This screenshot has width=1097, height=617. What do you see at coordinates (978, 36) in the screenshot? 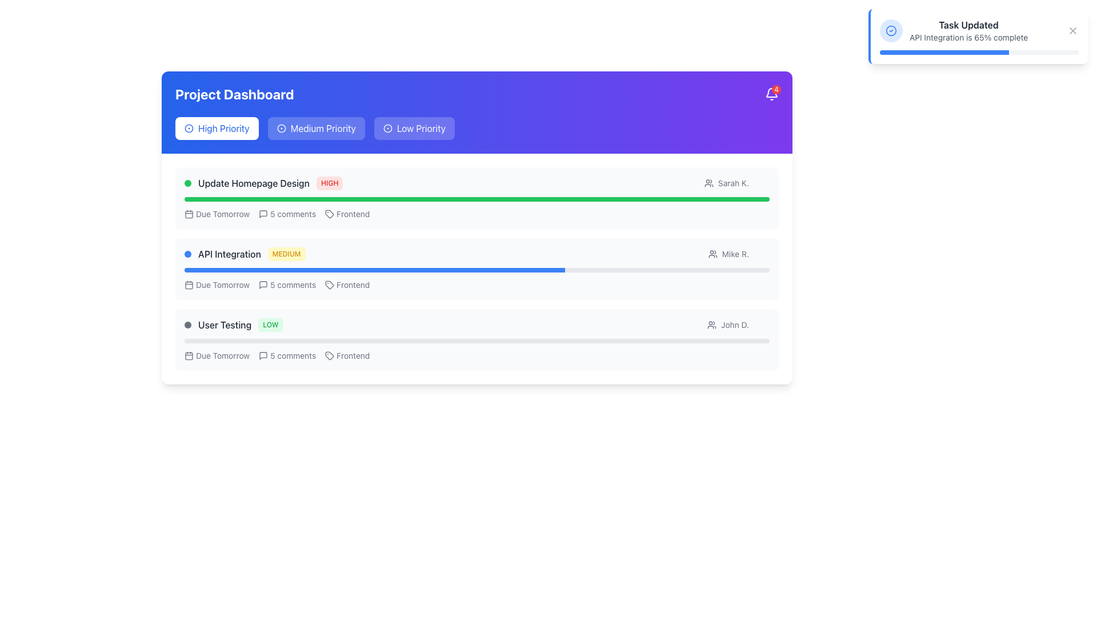
I see `the Notification card that displays 'Task Updated' with a blue checkmark icon and a progress bar in the top-right corner of the interface` at bounding box center [978, 36].